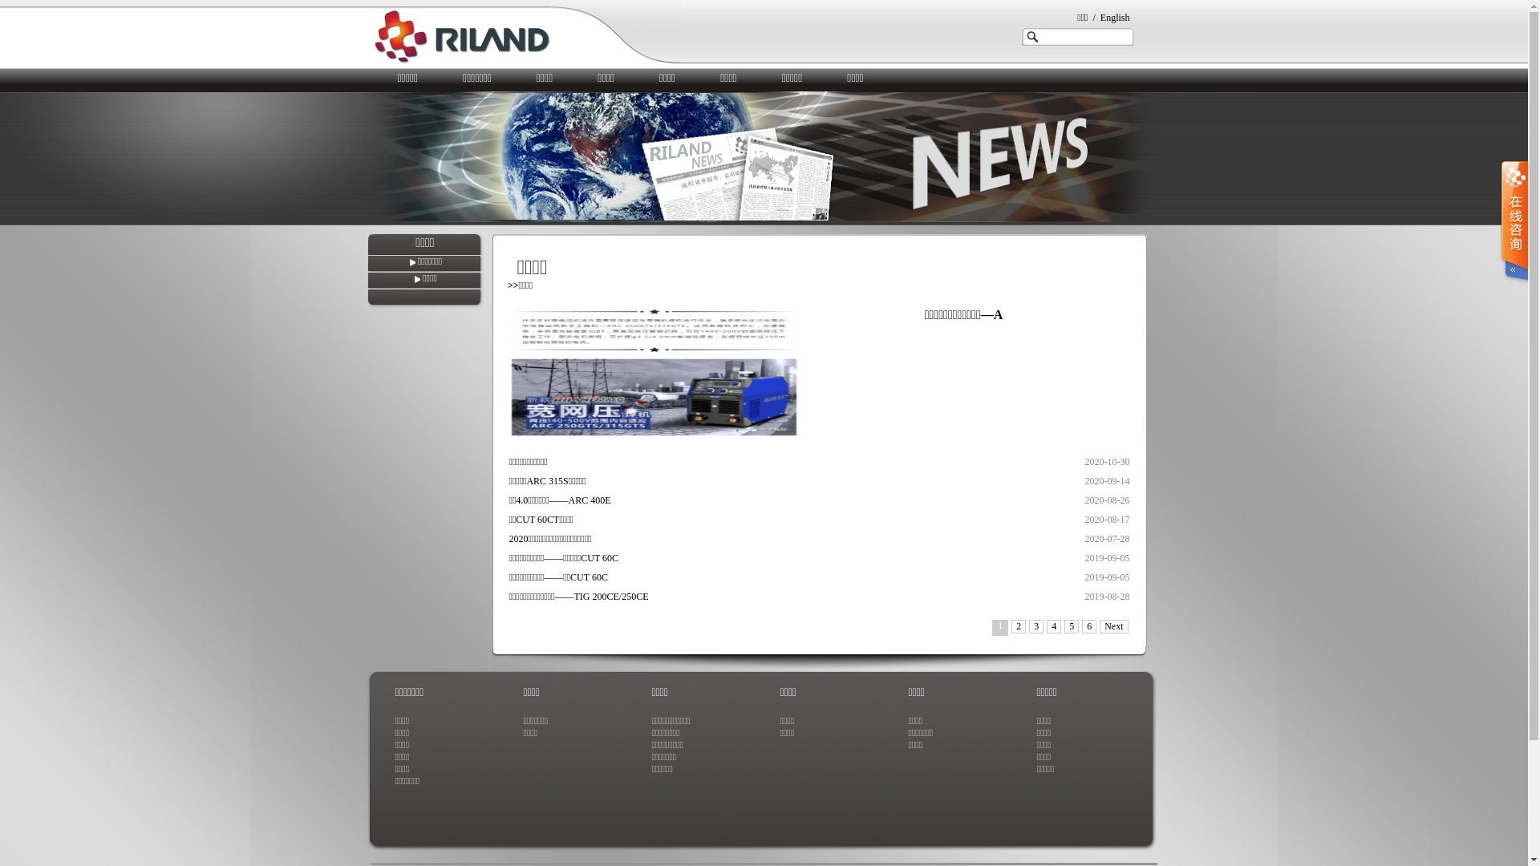 The image size is (1540, 866). What do you see at coordinates (1112, 625) in the screenshot?
I see `'Next'` at bounding box center [1112, 625].